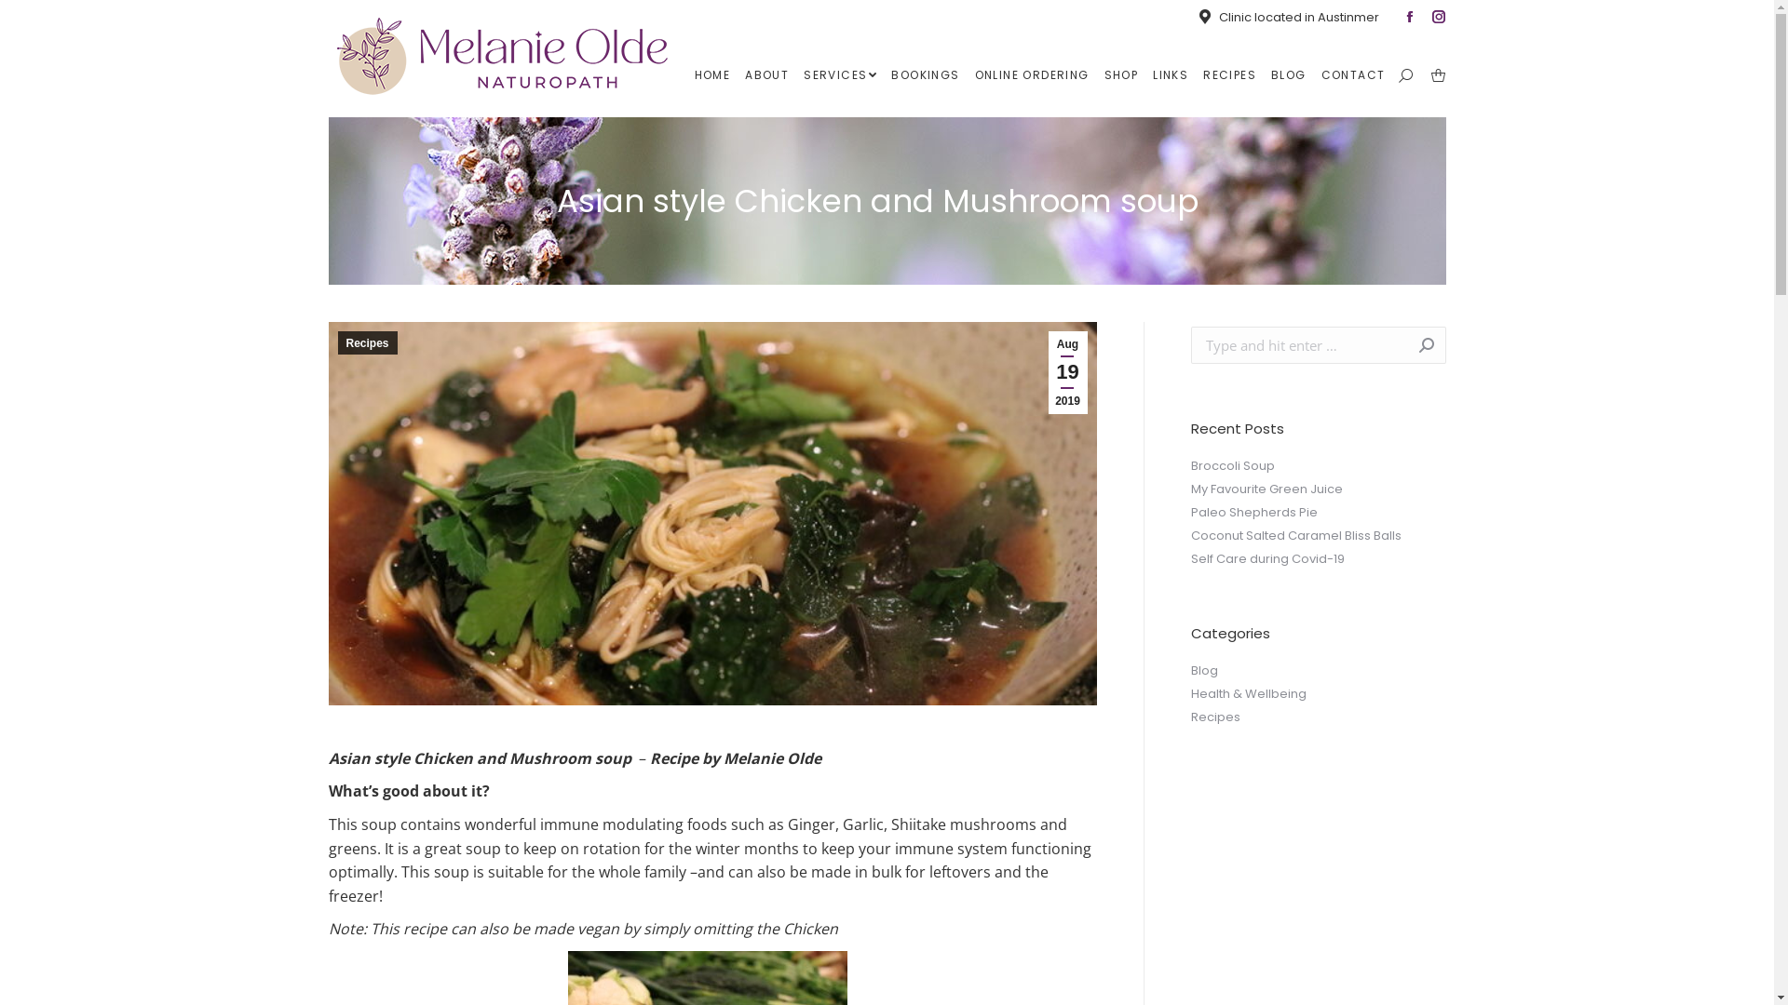 The image size is (1788, 1005). I want to click on 'BLOG', so click(1266, 74).